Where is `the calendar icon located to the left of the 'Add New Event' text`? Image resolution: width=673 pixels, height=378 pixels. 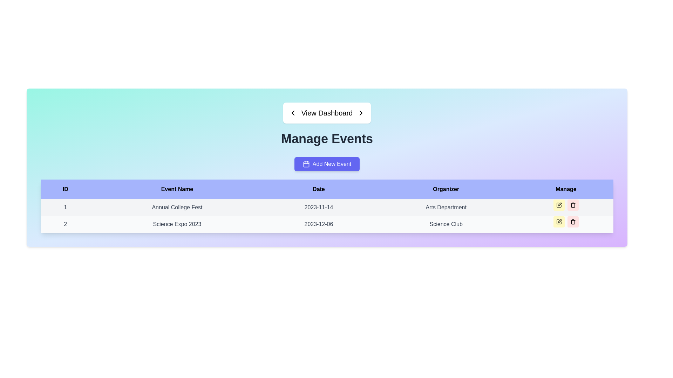
the calendar icon located to the left of the 'Add New Event' text is located at coordinates (306, 164).